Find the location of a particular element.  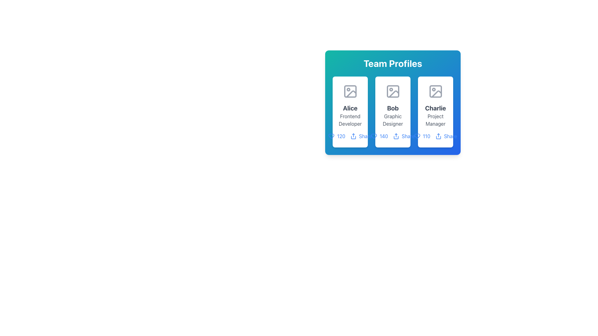

the share icon within the Interactive Display Component labeled '110 Share' located at the bottom of Charlie's profile card to initiate sharing is located at coordinates (435, 136).